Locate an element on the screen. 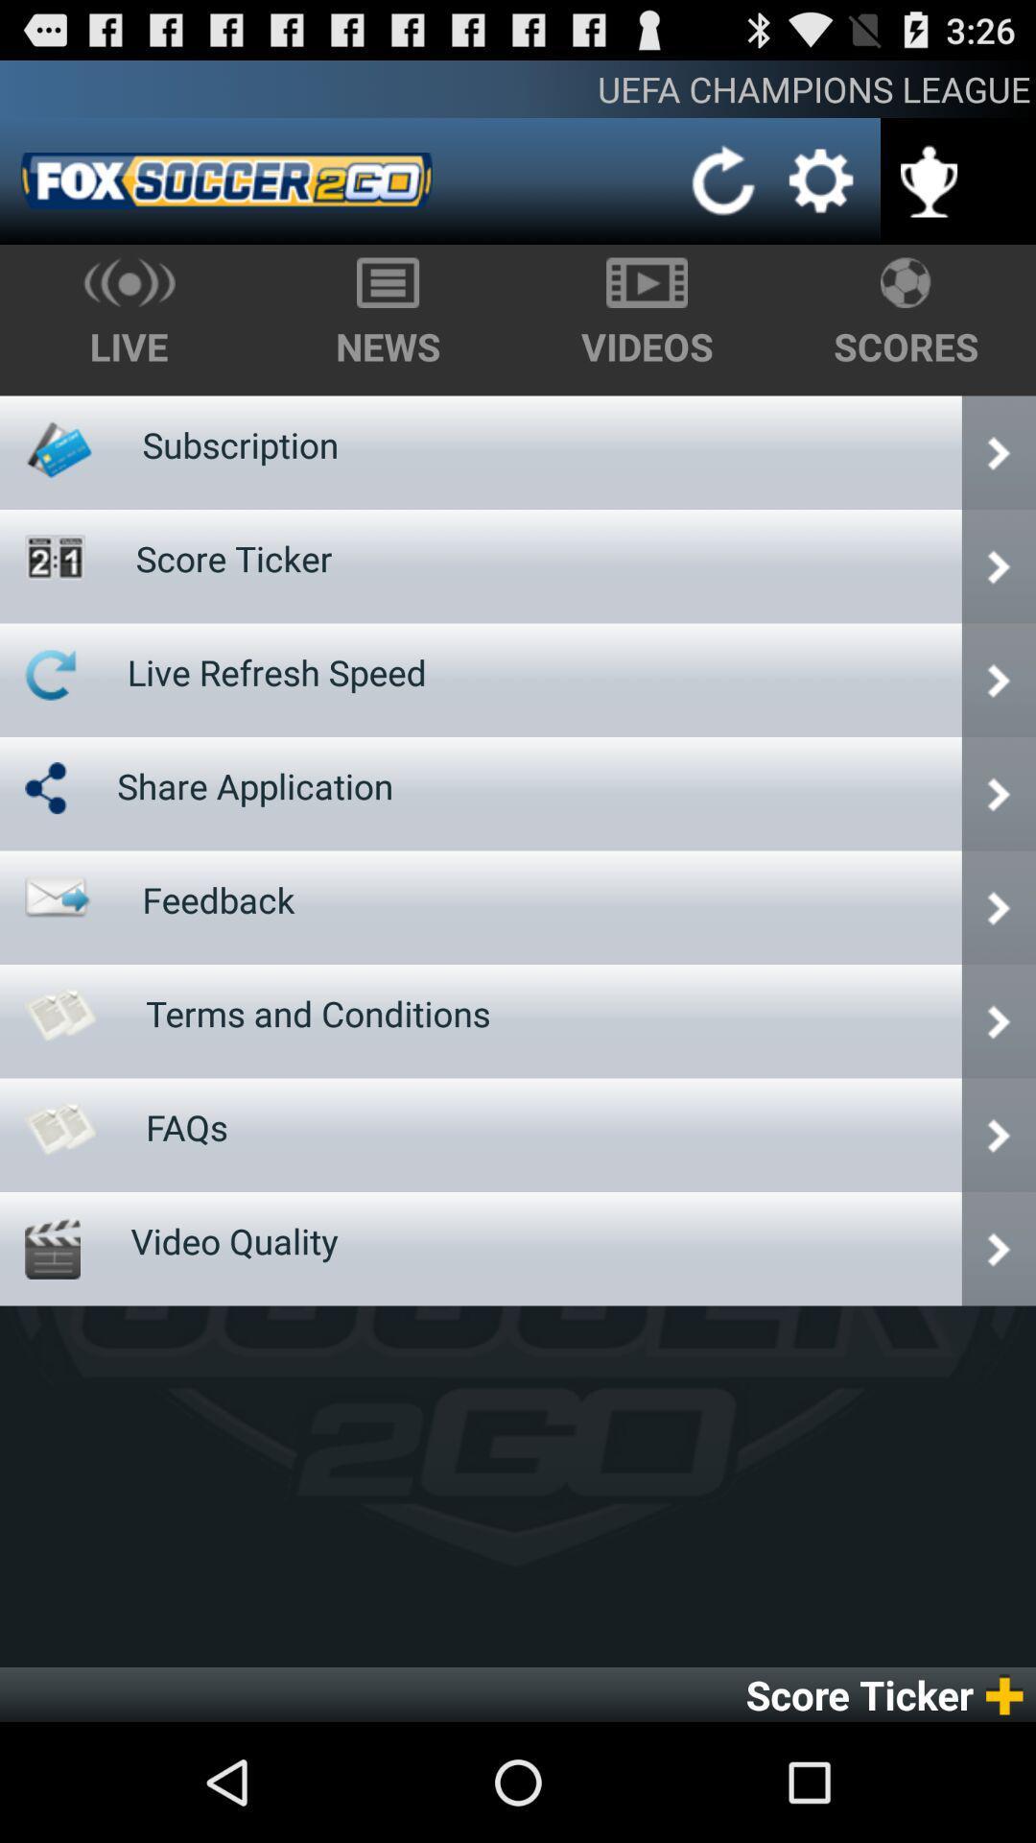  the subscription app is located at coordinates (239, 443).